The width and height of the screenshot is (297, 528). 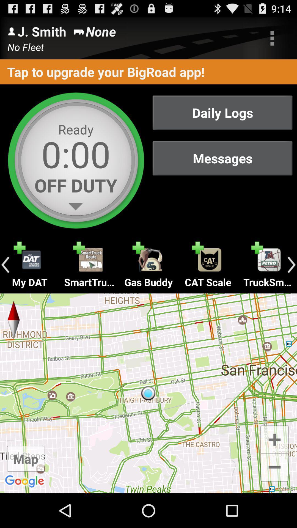 What do you see at coordinates (274, 439) in the screenshot?
I see `zoom` at bounding box center [274, 439].